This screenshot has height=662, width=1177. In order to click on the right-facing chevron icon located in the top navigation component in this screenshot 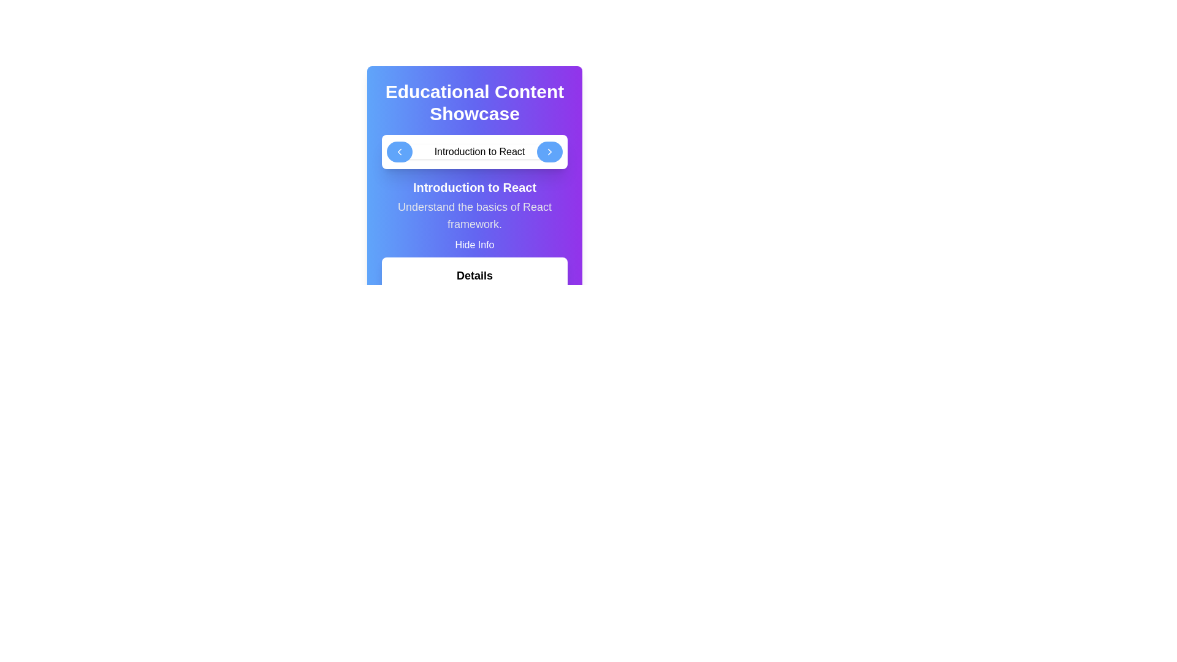, I will do `click(549, 151)`.